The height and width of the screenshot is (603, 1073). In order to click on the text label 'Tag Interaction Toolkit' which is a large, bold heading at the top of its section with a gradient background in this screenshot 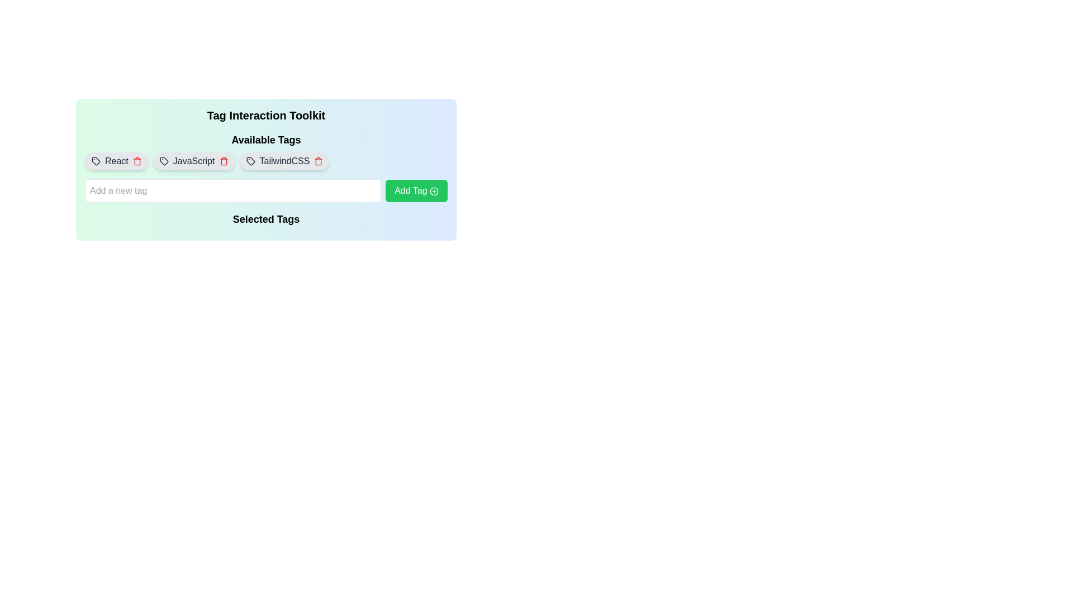, I will do `click(265, 116)`.